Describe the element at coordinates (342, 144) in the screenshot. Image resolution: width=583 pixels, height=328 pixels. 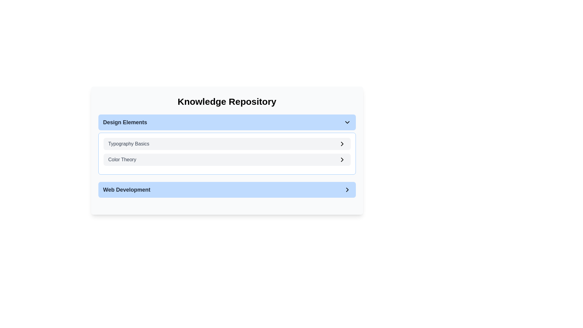
I see `the arrow-shaped icon representing a rightward direction, located at the far right of the 'Color Theory' row under the 'Design Elements' section` at that location.